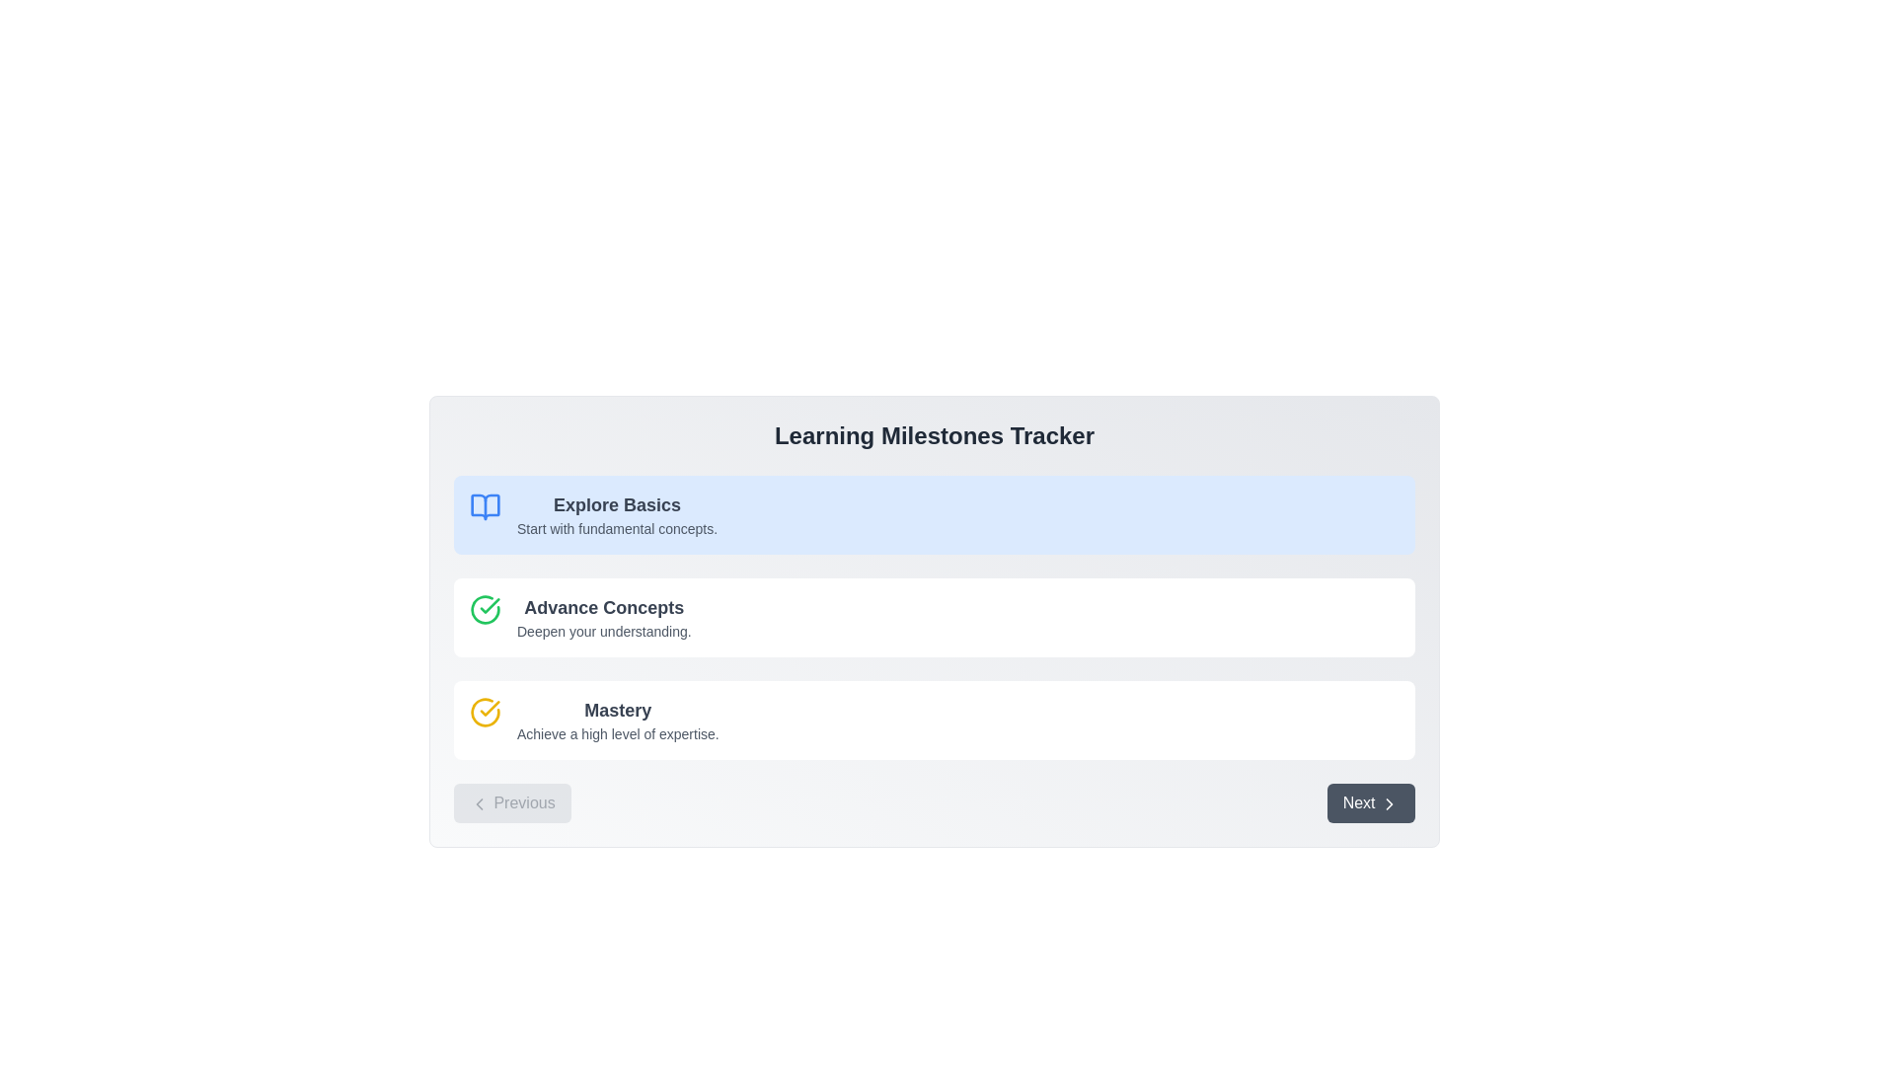  Describe the element at coordinates (1388, 802) in the screenshot. I see `the right-facing chevron icon located within the 'Next' button at the bottom-right corner` at that location.